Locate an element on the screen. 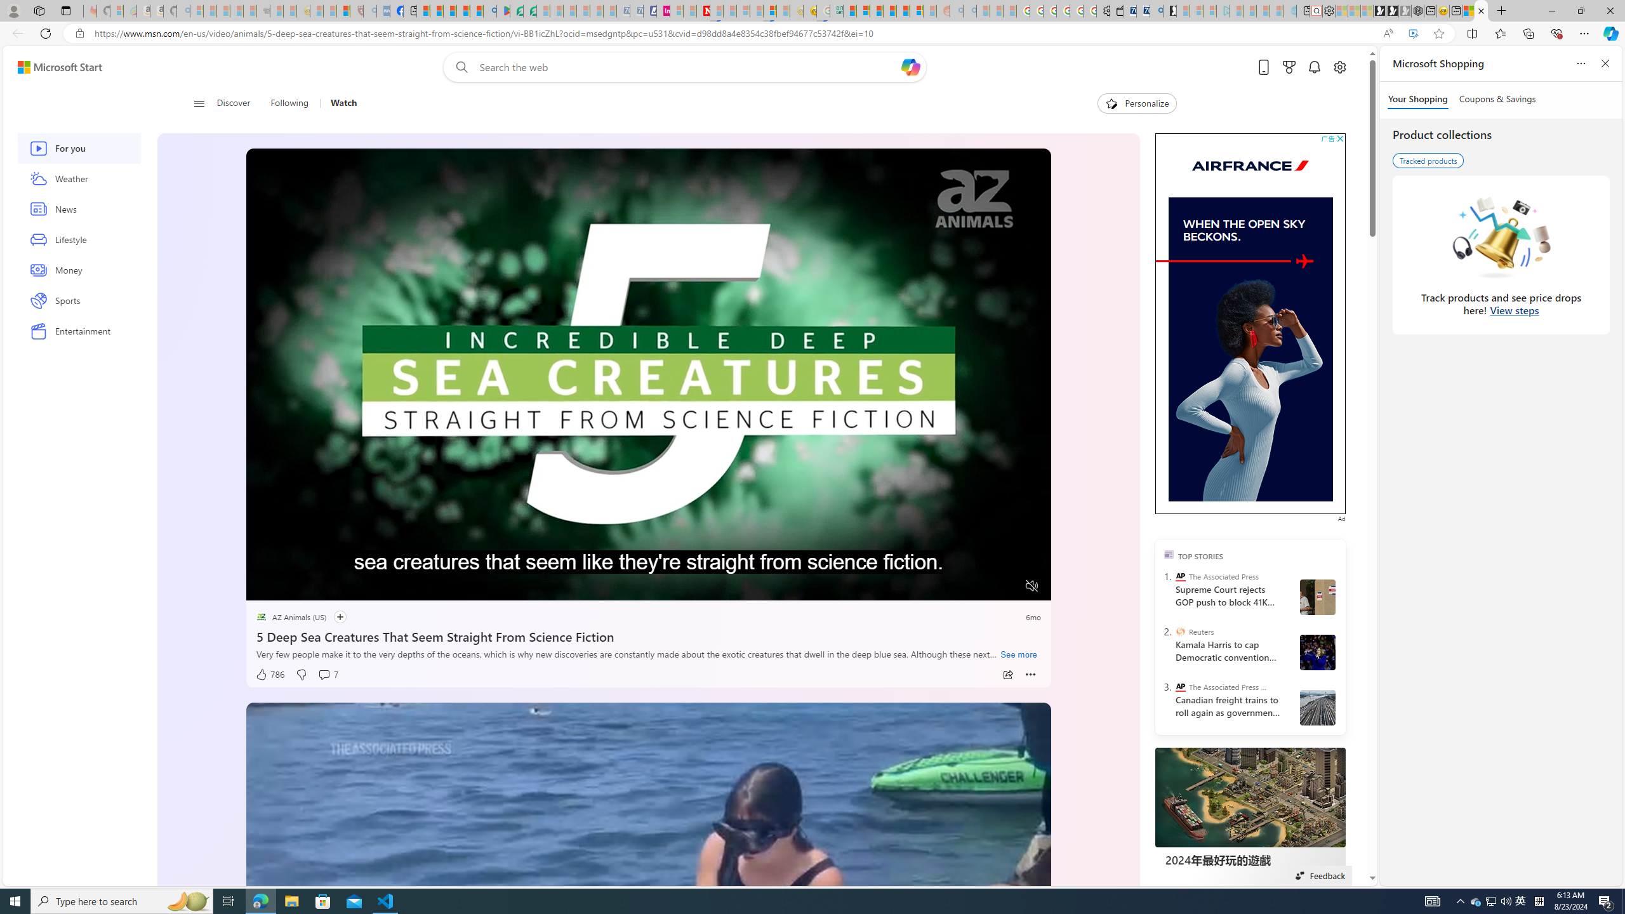  ' Harris and Walz campaign in Wisconsin' is located at coordinates (1317, 651).